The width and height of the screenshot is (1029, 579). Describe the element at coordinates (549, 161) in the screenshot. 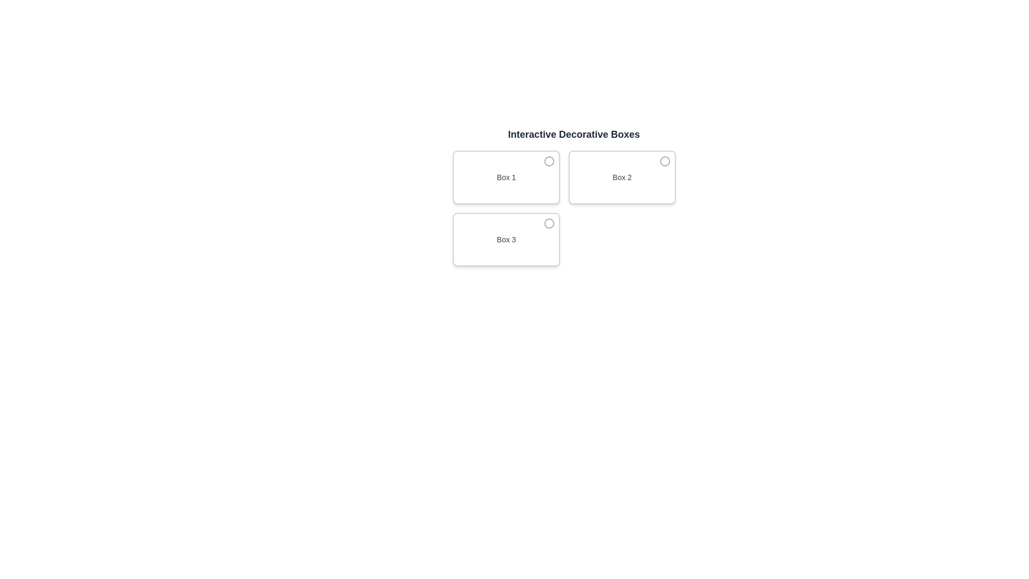

I see `the circular Icon or Status Indicator located in the top-right corner of 'Box 1', which is part of a grid layout of three boxes` at that location.